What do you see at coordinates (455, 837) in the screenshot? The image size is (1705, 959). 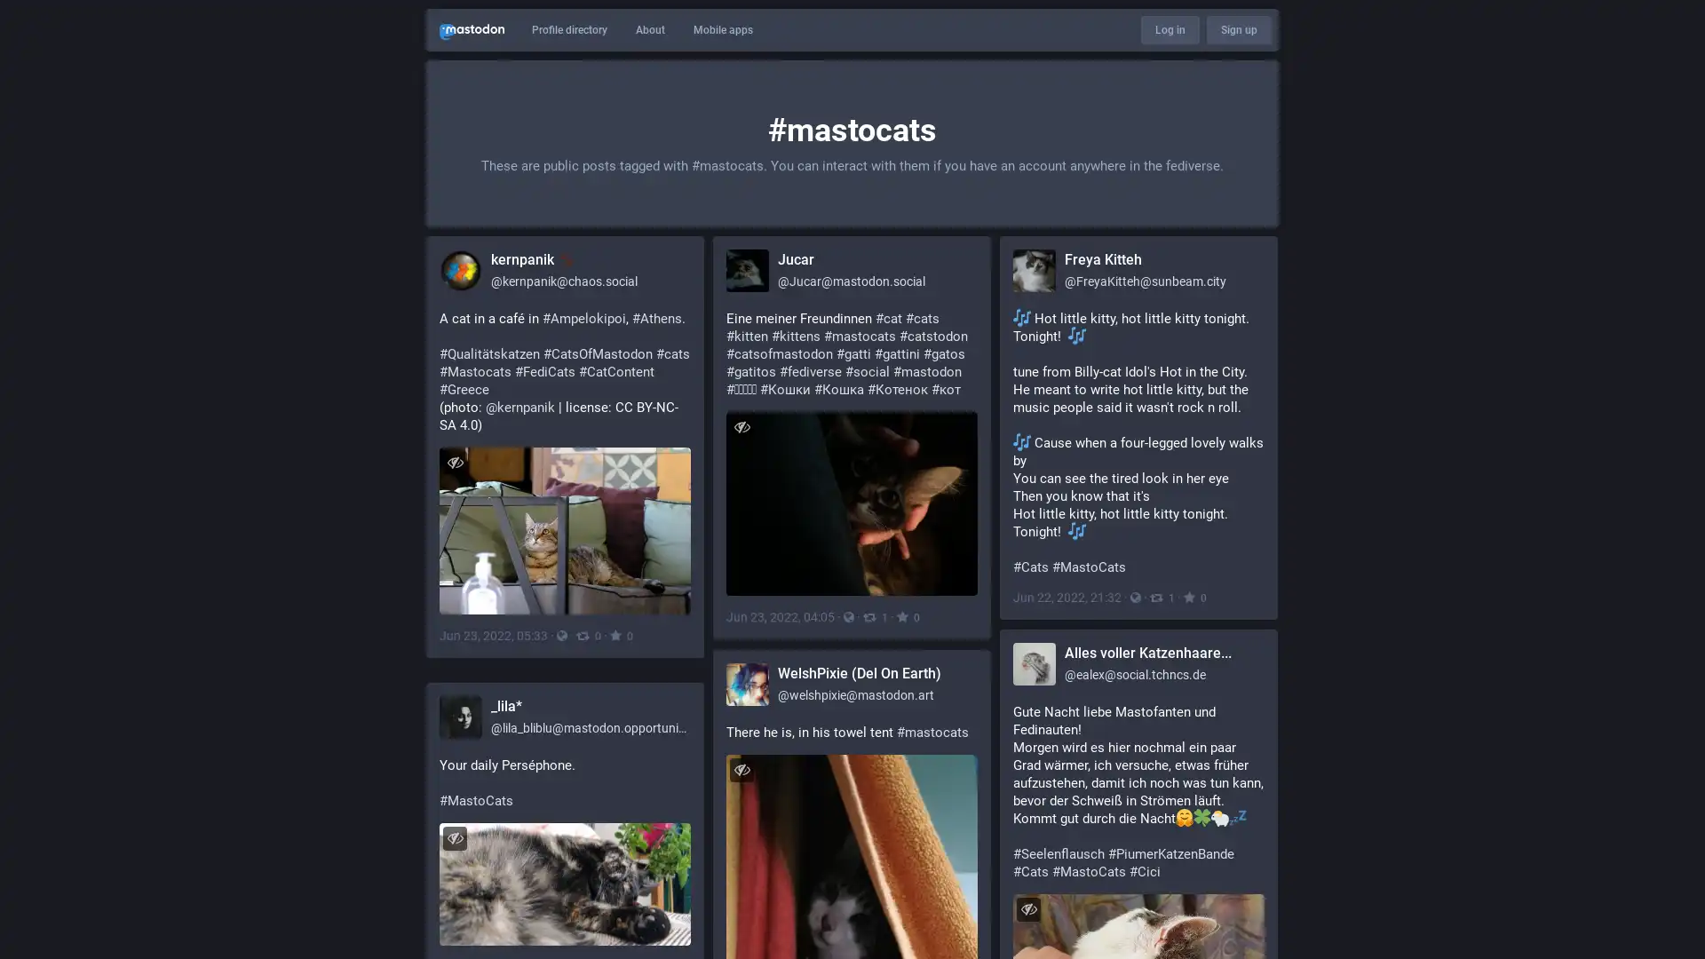 I see `Hide image` at bounding box center [455, 837].